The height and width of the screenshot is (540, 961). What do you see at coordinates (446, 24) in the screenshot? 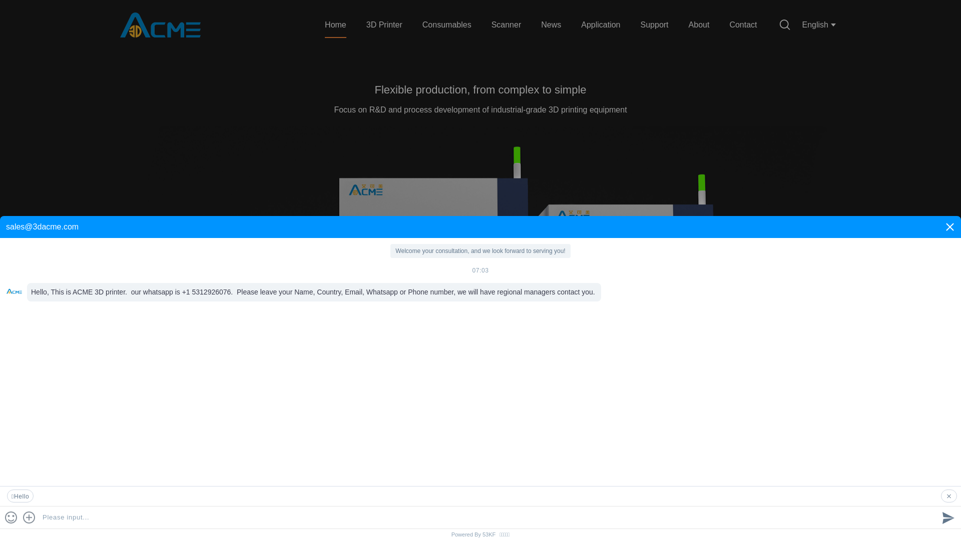
I see `'Consumables'` at bounding box center [446, 24].